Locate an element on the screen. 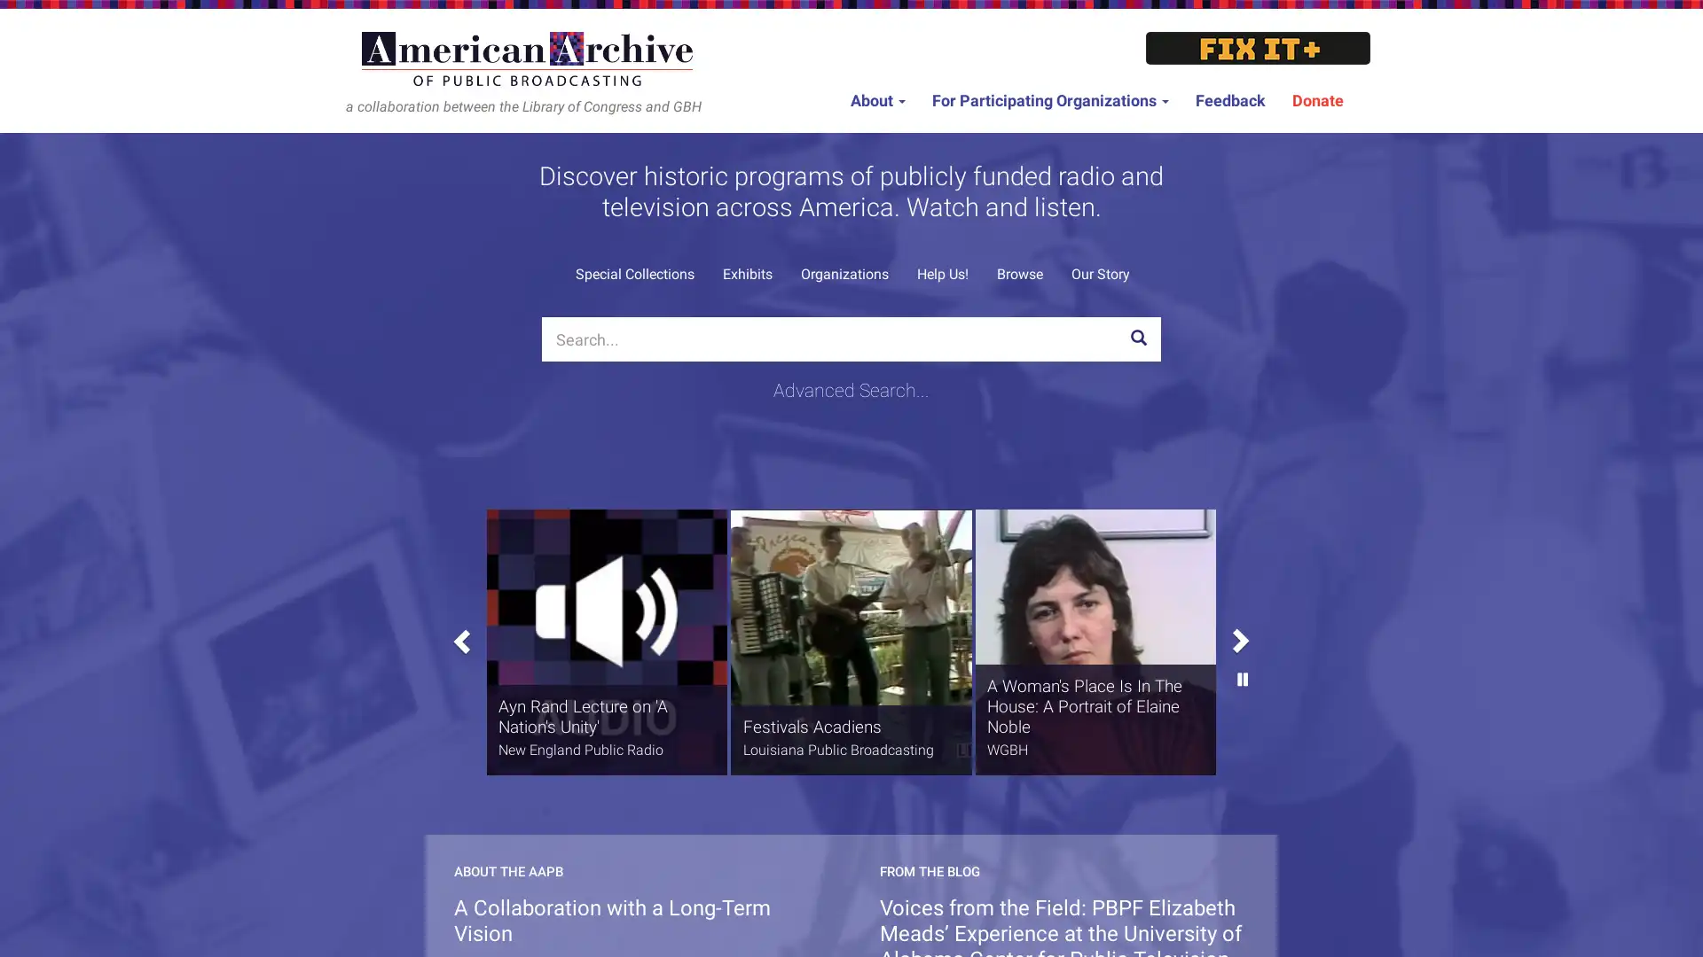  Previous is located at coordinates (459, 634).